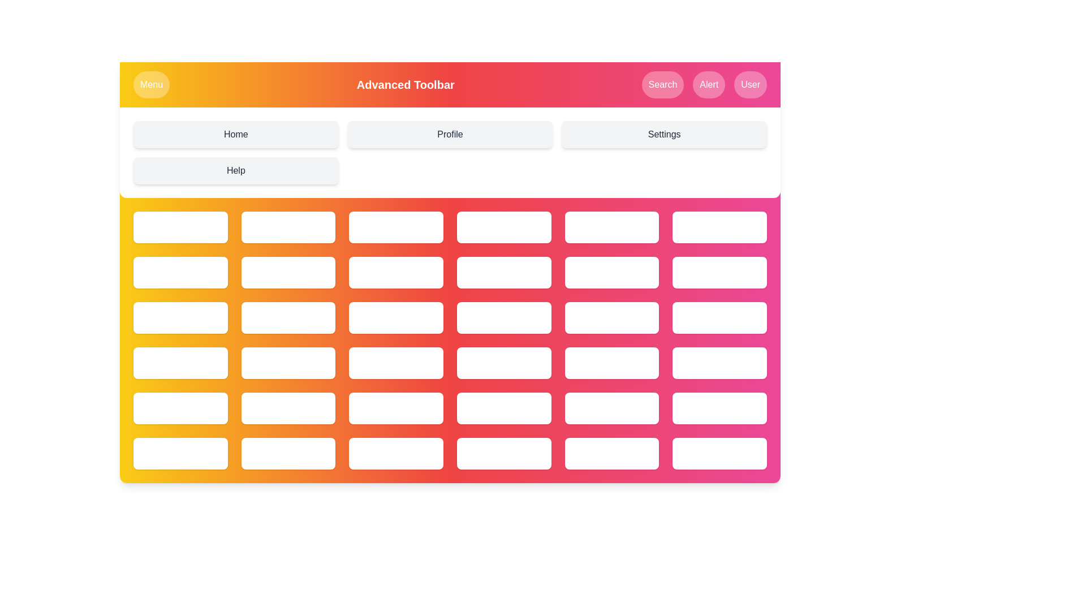  I want to click on the Search button in the navigation bar, so click(662, 84).